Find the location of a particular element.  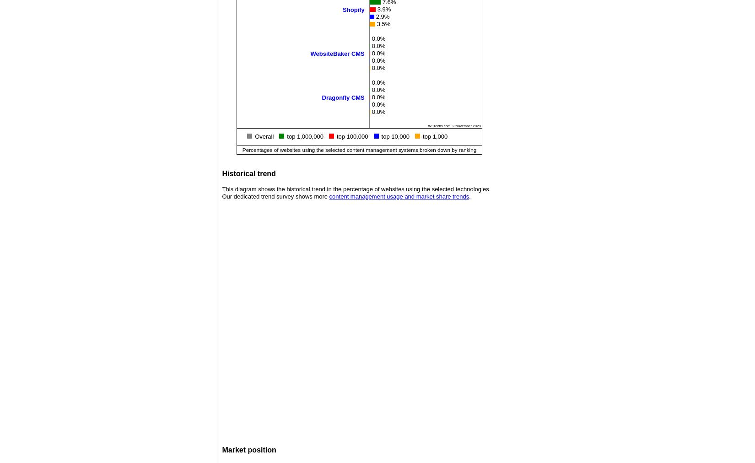

'Overall' is located at coordinates (254, 136).